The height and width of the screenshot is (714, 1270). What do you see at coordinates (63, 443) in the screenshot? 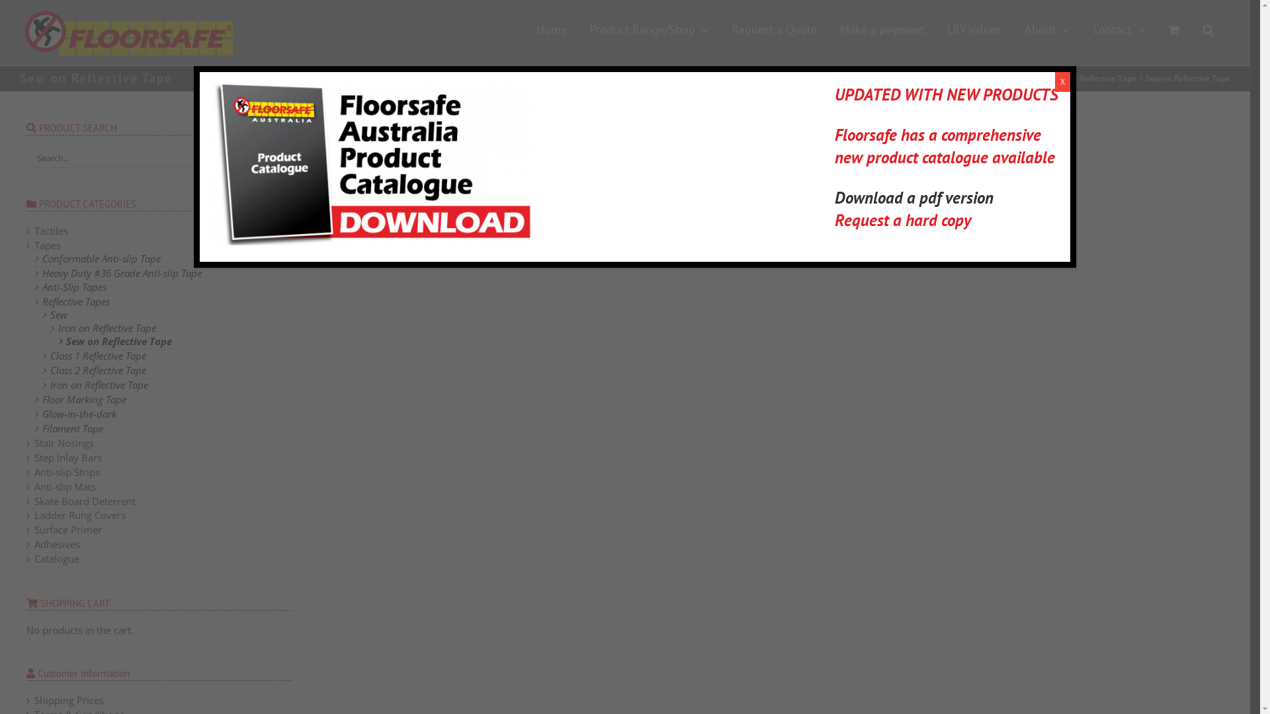
I see `'Stair Nosings'` at bounding box center [63, 443].